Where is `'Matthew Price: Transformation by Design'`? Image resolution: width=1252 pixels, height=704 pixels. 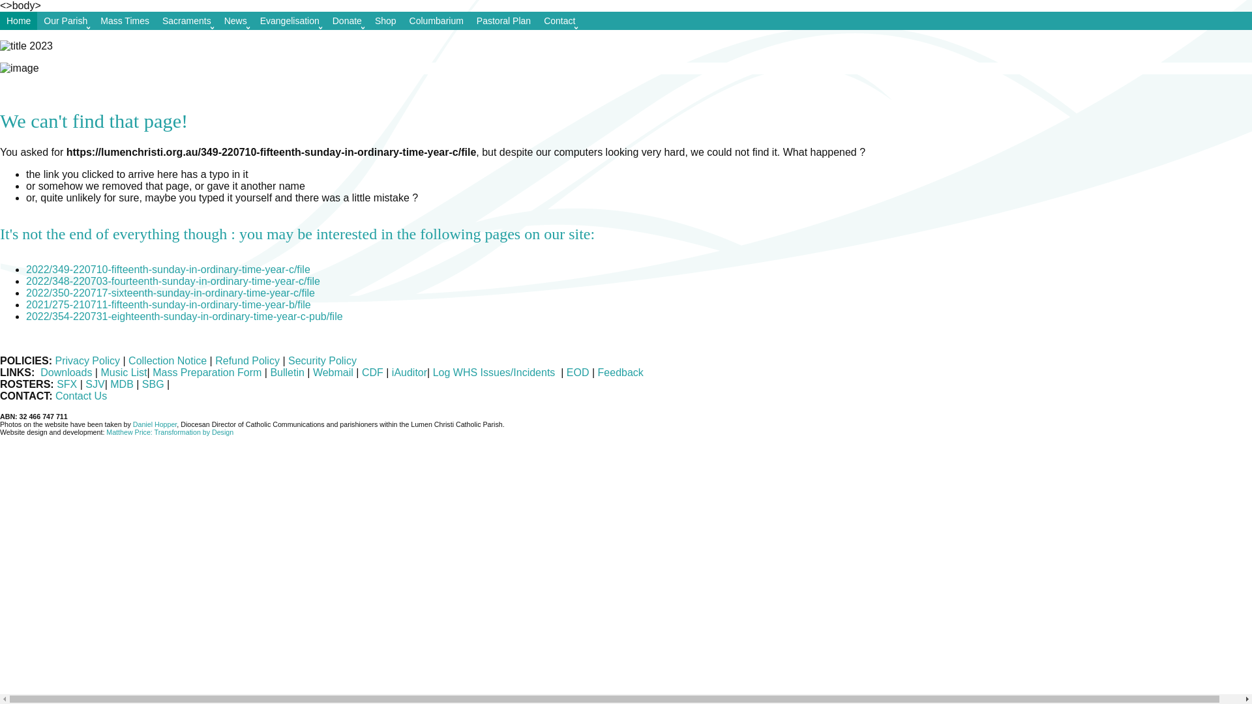
'Matthew Price: Transformation by Design' is located at coordinates (169, 432).